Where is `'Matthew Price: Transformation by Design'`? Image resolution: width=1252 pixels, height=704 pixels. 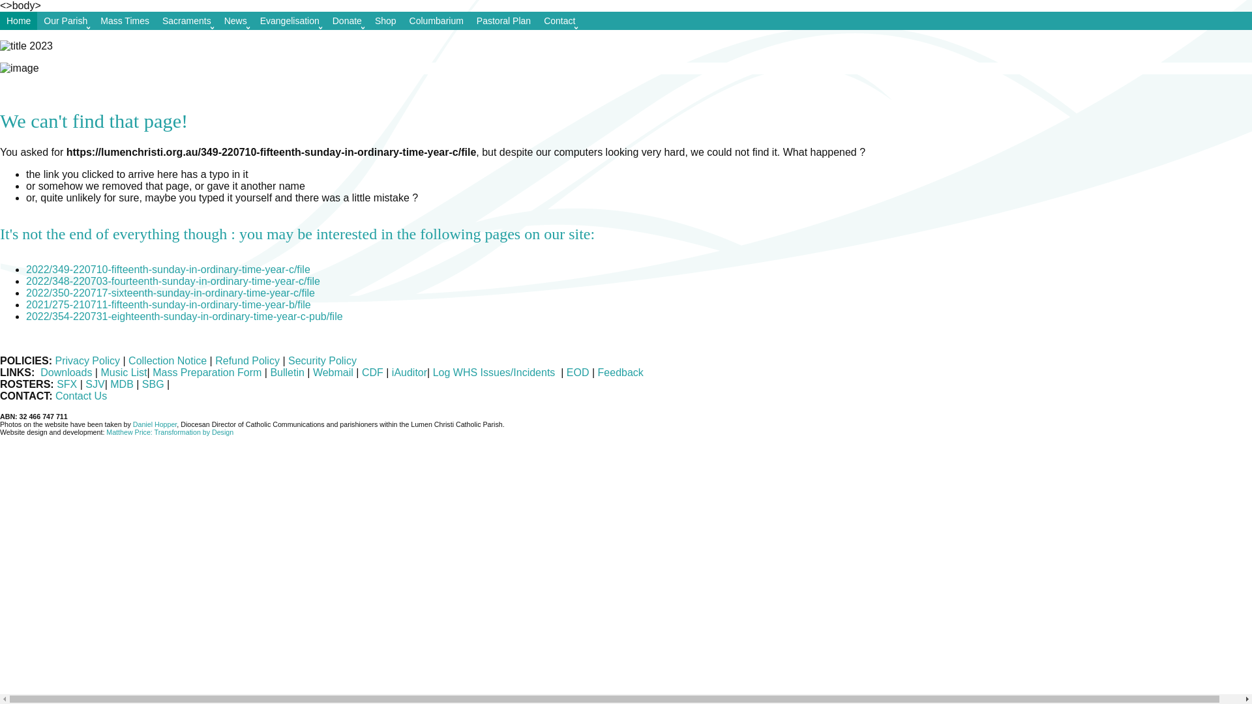
'Matthew Price: Transformation by Design' is located at coordinates (169, 432).